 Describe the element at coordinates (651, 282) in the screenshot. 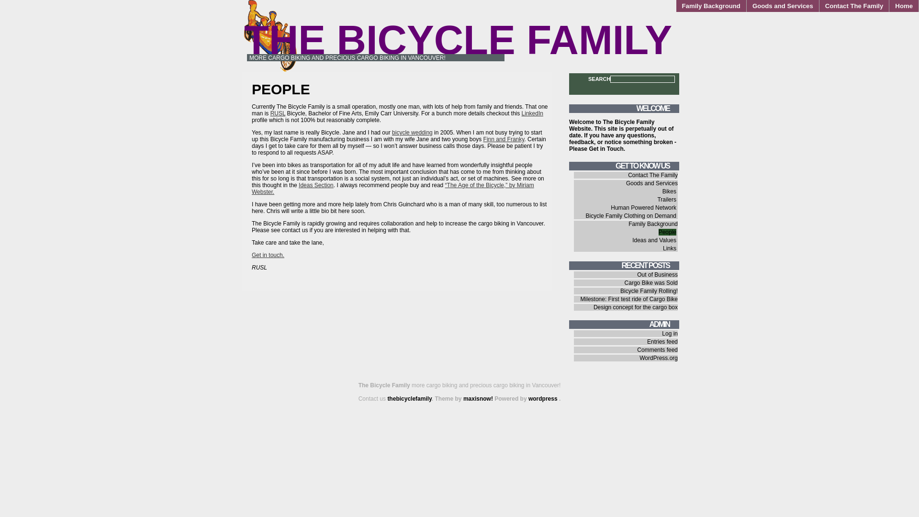

I see `'Cargo Bike was Sold'` at that location.